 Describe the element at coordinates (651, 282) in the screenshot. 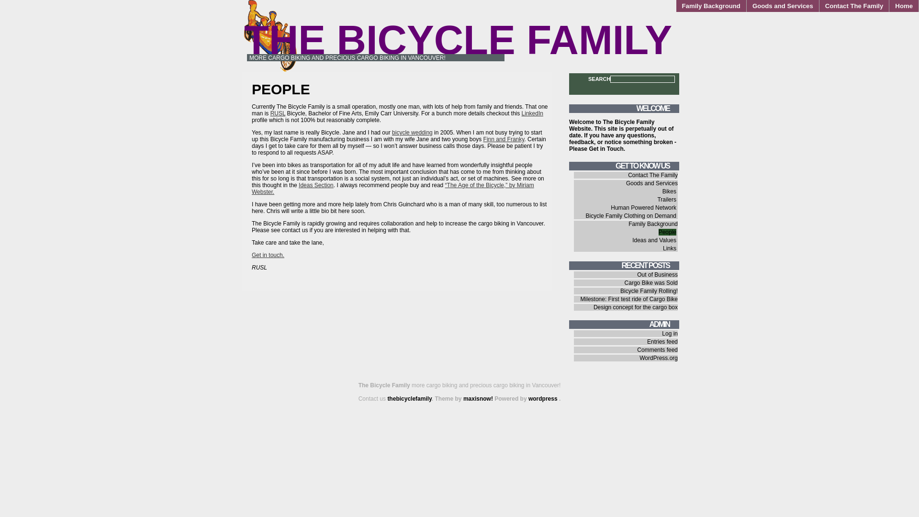

I see `'Cargo Bike was Sold'` at that location.